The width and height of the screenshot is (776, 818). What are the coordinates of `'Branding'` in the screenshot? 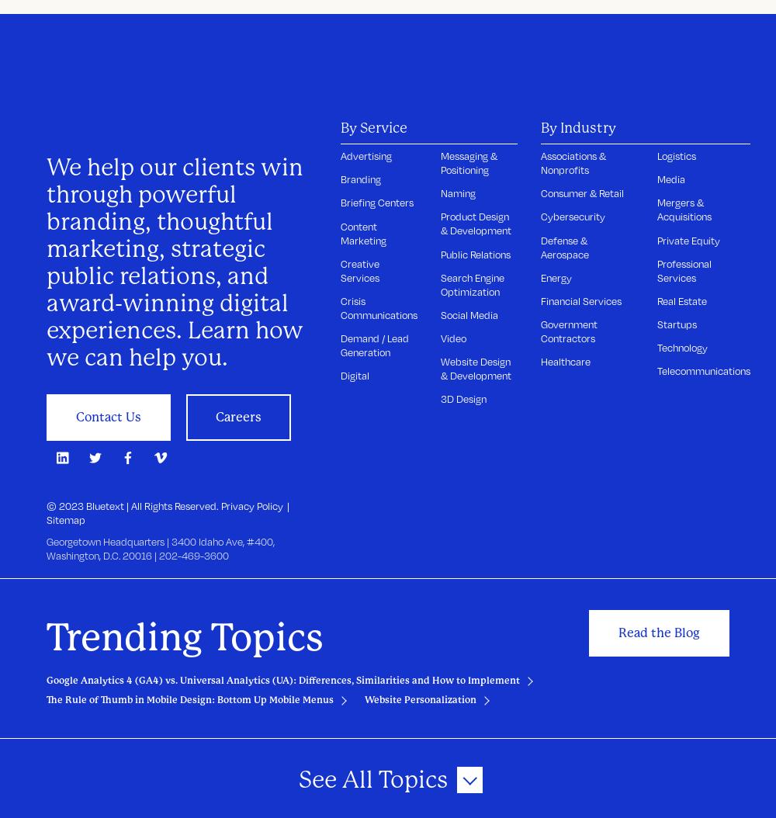 It's located at (340, 179).